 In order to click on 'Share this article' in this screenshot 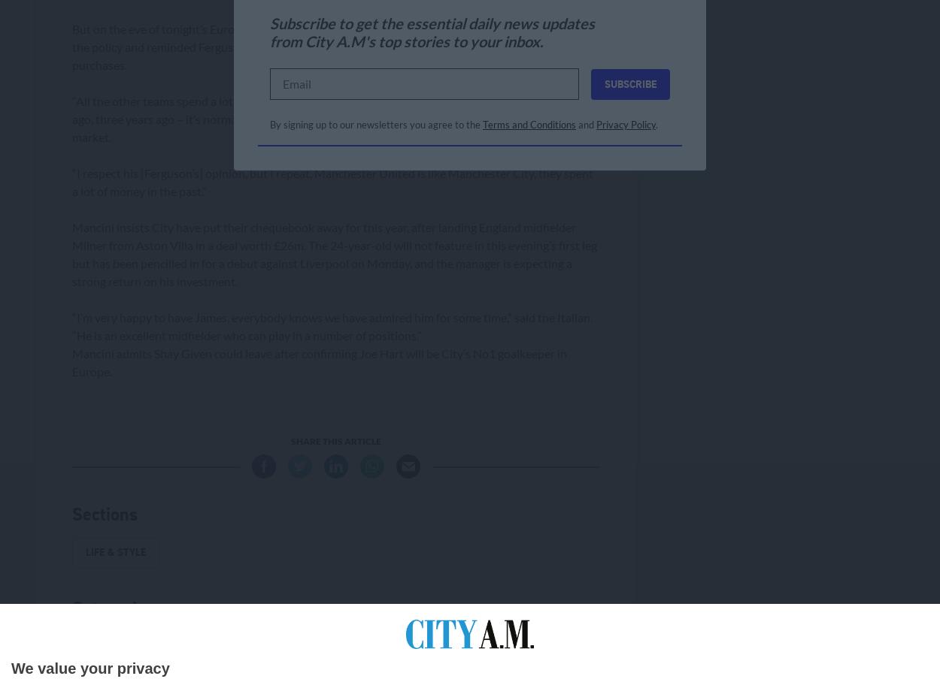, I will do `click(335, 440)`.